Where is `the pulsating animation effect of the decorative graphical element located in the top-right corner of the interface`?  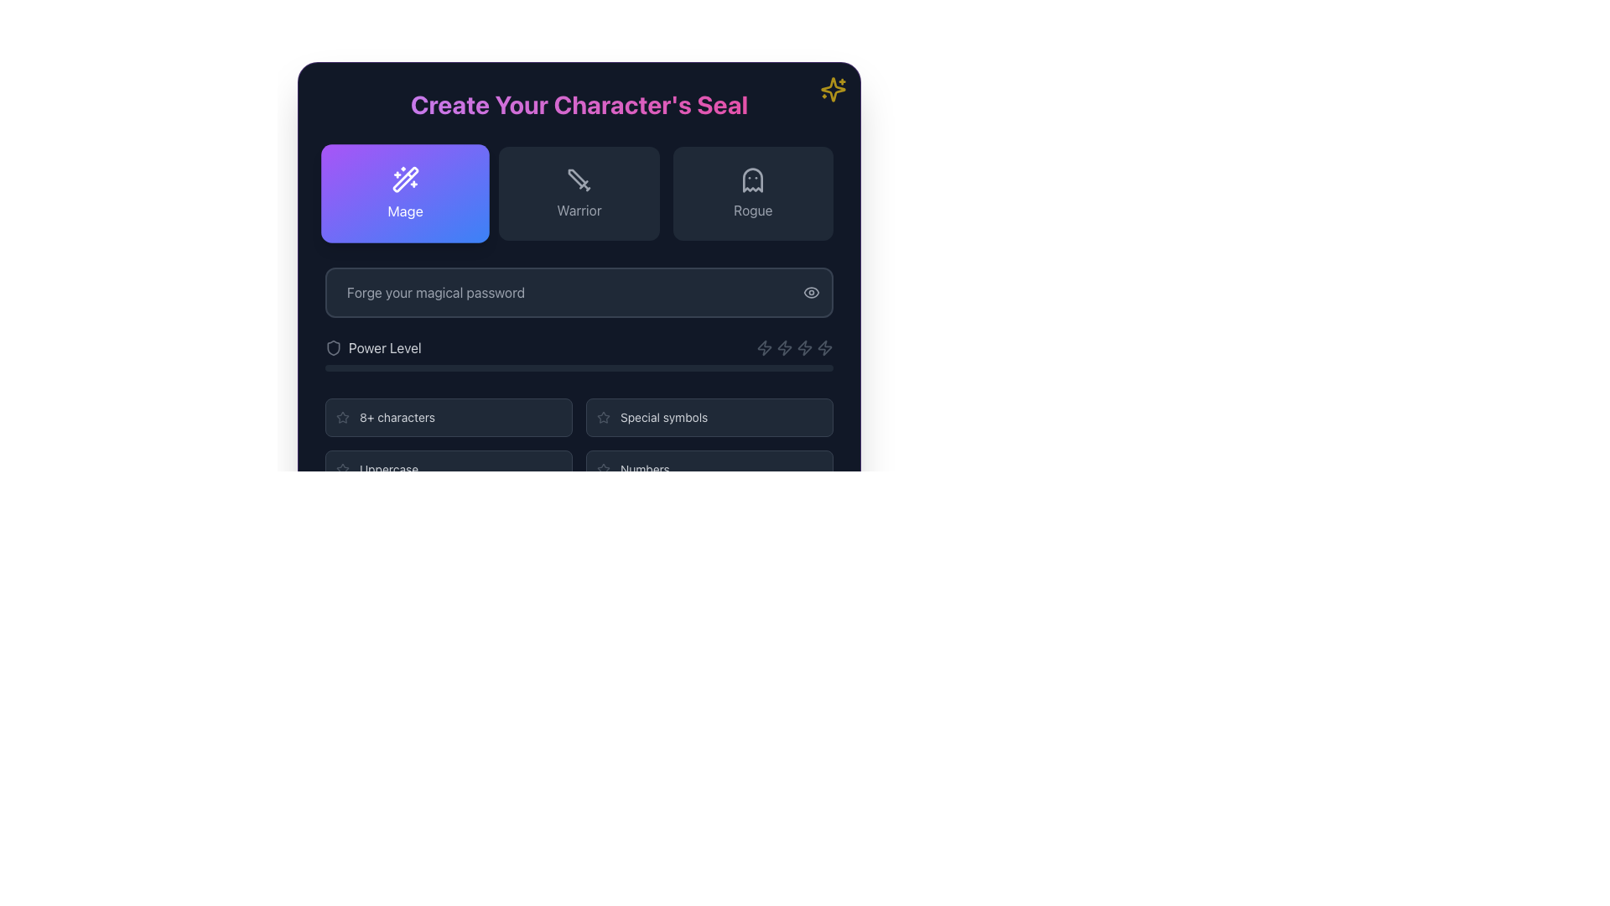 the pulsating animation effect of the decorative graphical element located in the top-right corner of the interface is located at coordinates (833, 90).